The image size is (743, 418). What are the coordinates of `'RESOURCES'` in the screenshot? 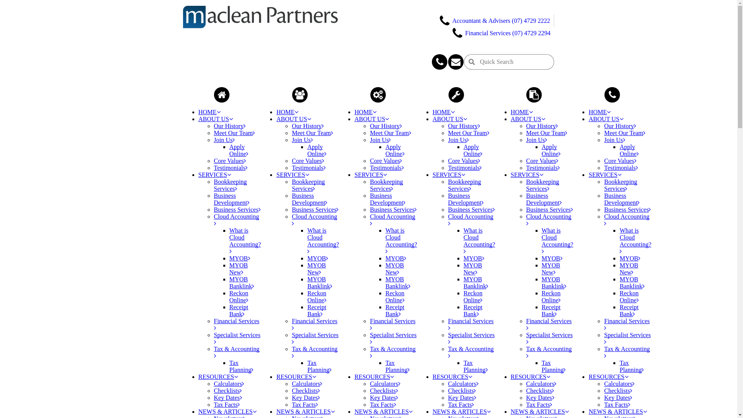 It's located at (608, 376).